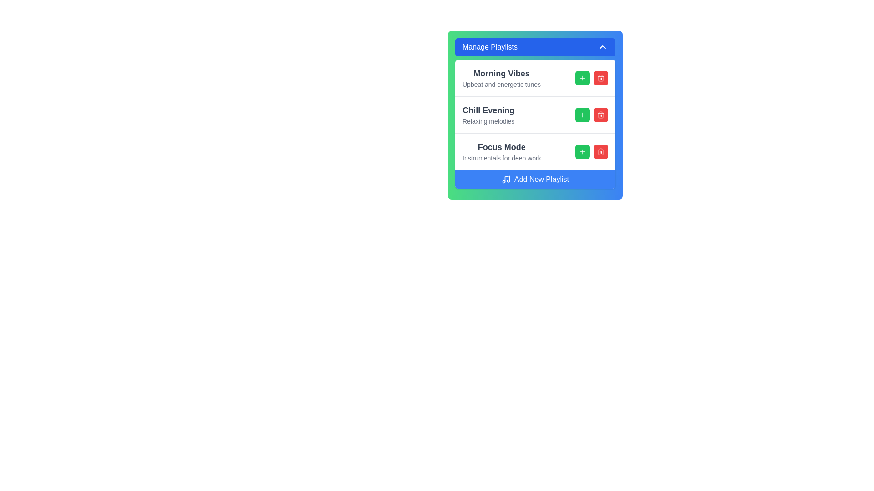  What do you see at coordinates (535, 179) in the screenshot?
I see `the 'Add New Playlist' button located at the bottom of the playlist card to initiate the process of creating a new playlist` at bounding box center [535, 179].